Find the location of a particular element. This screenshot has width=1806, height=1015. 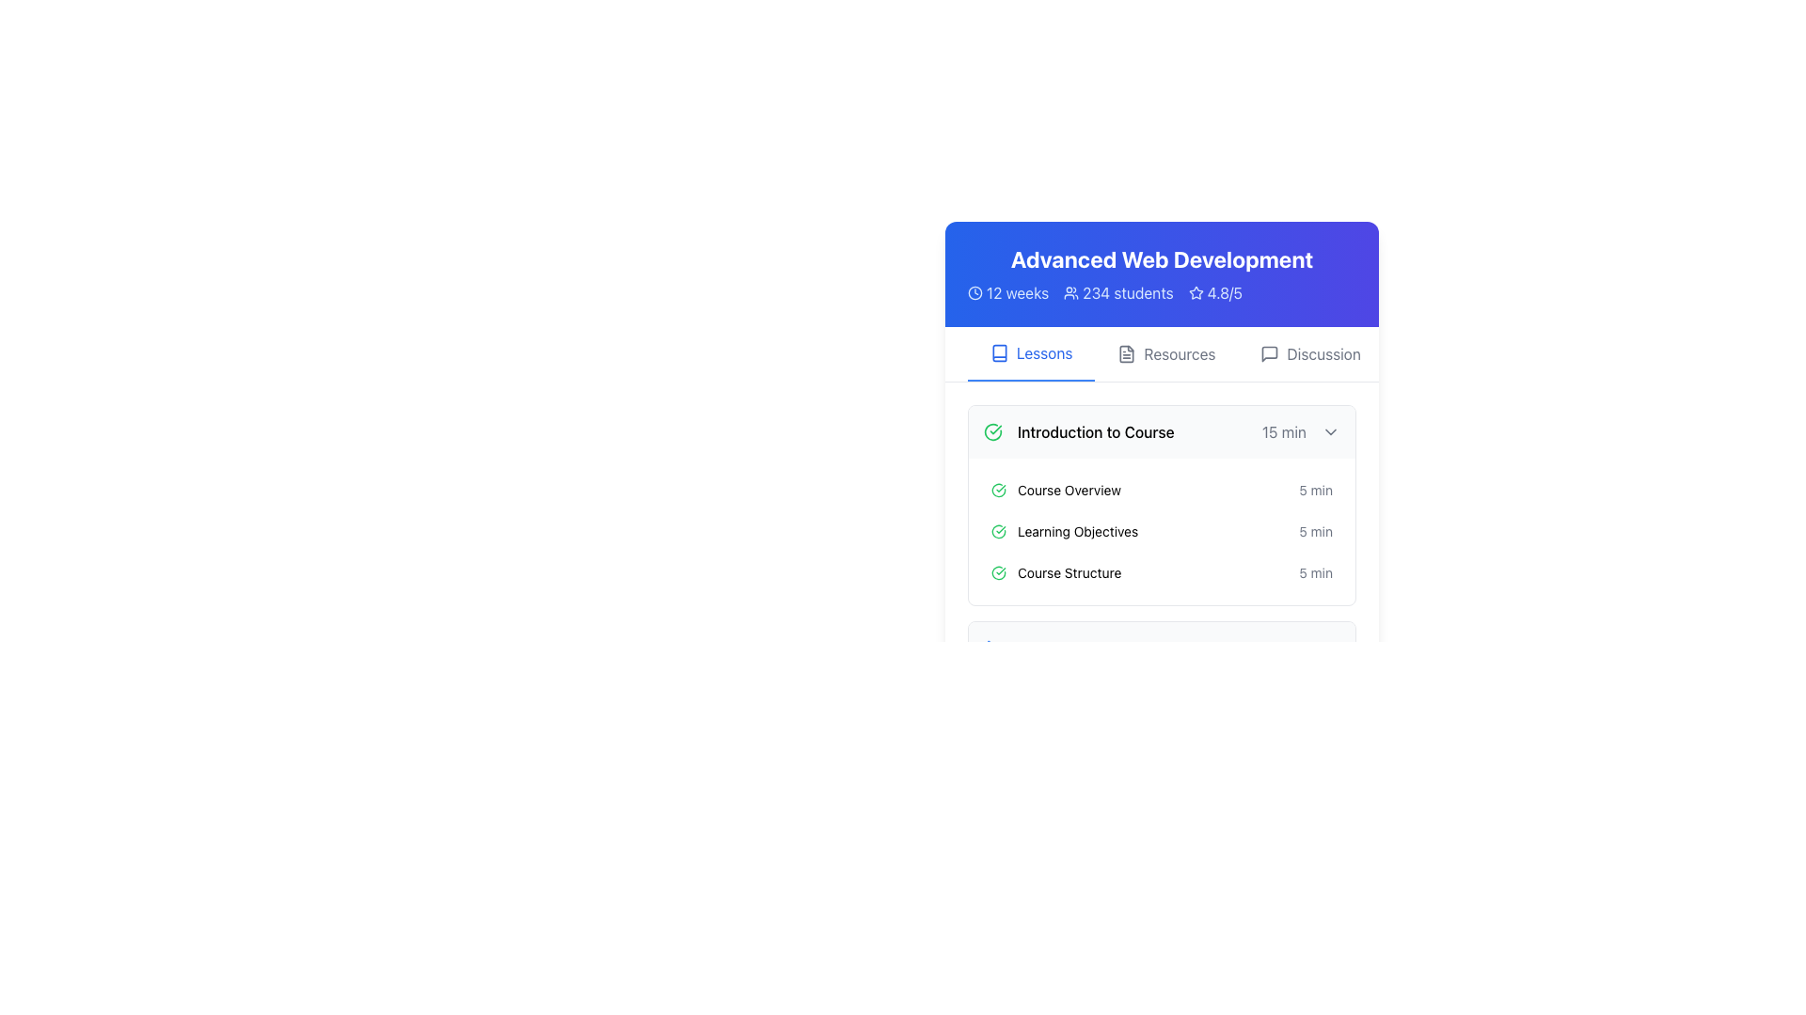

the SVG icon representing the 'Lessons' tab, which is located in the header section of the interface, aligned to the left of the 'Lessons' text is located at coordinates (998, 352).